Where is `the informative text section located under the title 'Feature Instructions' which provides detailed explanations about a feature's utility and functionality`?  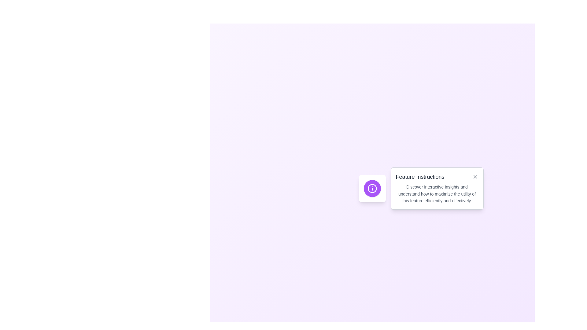 the informative text section located under the title 'Feature Instructions' which provides detailed explanations about a feature's utility and functionality is located at coordinates (437, 194).